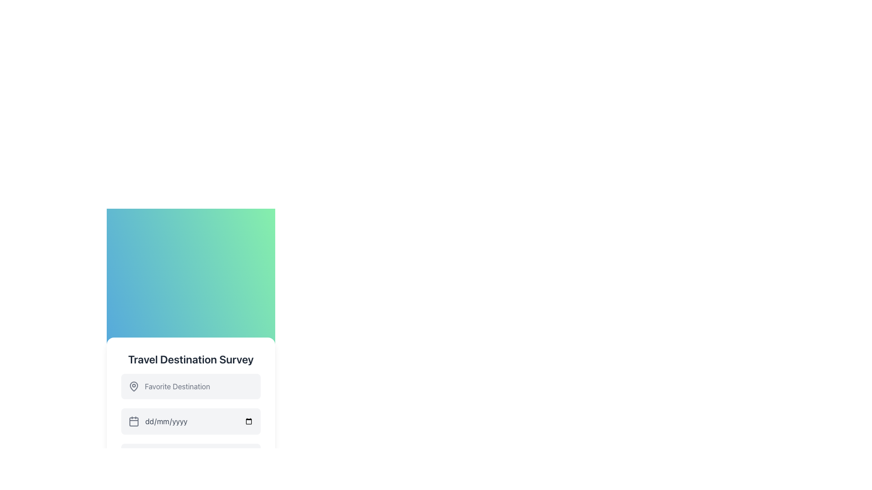 This screenshot has width=872, height=490. What do you see at coordinates (133, 387) in the screenshot?
I see `the map pin icon with rounded edges, which is located to the left of the 'Favorite Destination' input field` at bounding box center [133, 387].